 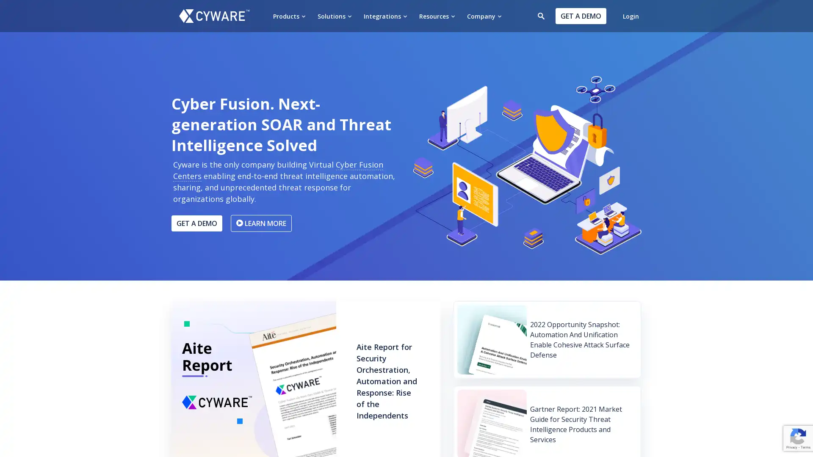 I want to click on GET A DEMO, so click(x=581, y=16).